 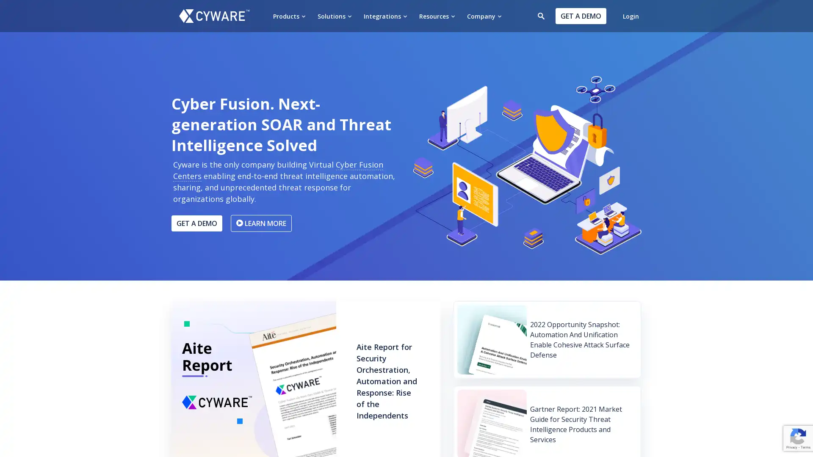 I want to click on GET A DEMO, so click(x=581, y=16).